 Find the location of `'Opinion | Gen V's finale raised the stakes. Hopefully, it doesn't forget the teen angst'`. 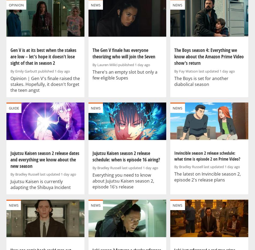

'Opinion | Gen V's finale raised the stakes. Hopefully, it doesn't forget the teen angst' is located at coordinates (45, 84).